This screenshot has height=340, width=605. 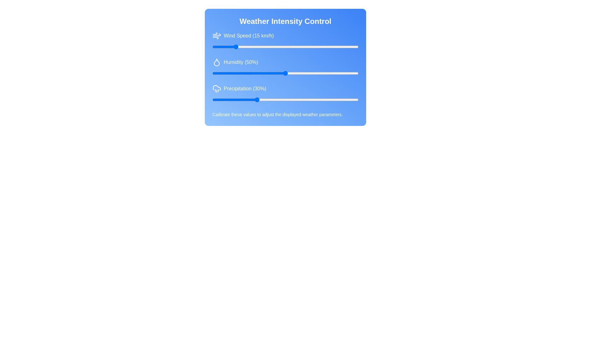 What do you see at coordinates (231, 47) in the screenshot?
I see `the wind speed` at bounding box center [231, 47].